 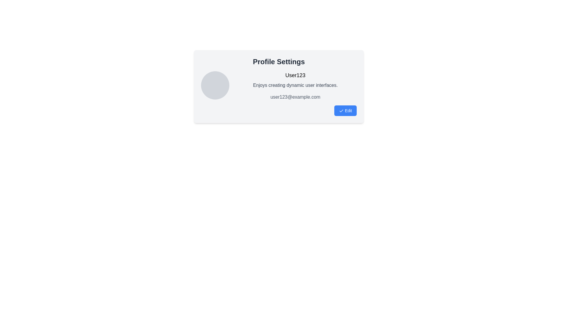 What do you see at coordinates (295, 75) in the screenshot?
I see `text 'User123' displayed prominently in the profile section, styled with a larger font size and bold weight, located directly under the heading 'Profile Settings'` at bounding box center [295, 75].